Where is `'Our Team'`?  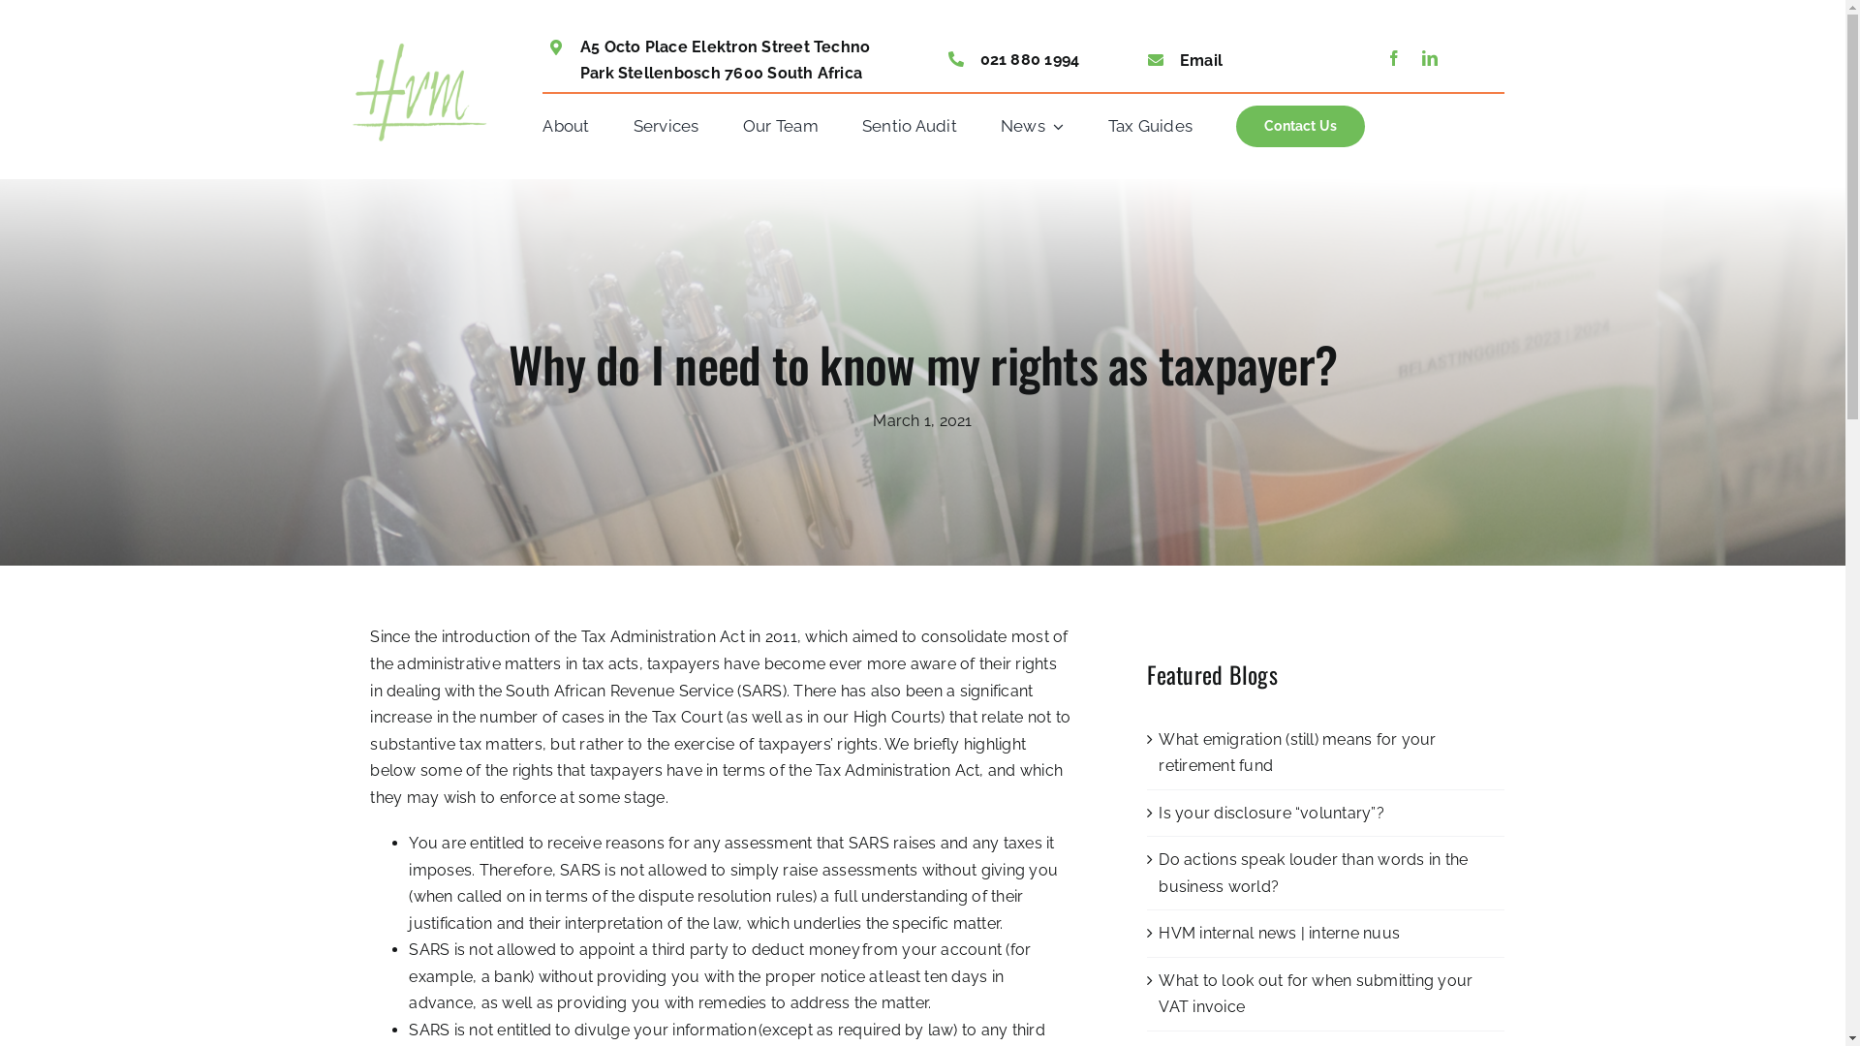
'Our Team' is located at coordinates (781, 127).